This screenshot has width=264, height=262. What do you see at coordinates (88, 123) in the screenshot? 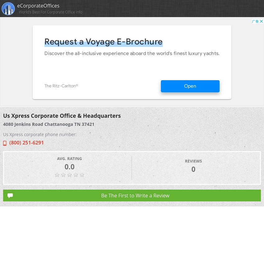
I see `'37421'` at bounding box center [88, 123].